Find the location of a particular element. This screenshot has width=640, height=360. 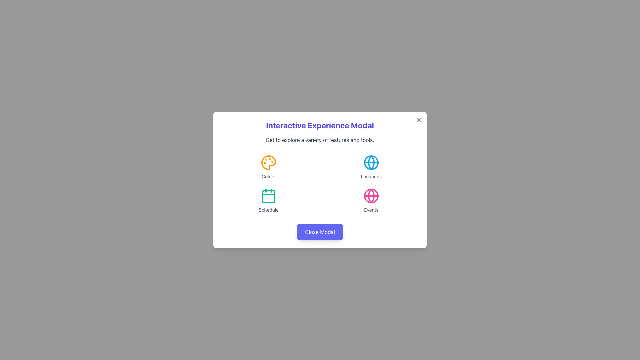

the 'Events' label, which is located in the lower right corner of the central modal window and directly below the pink globe icon is located at coordinates (371, 209).